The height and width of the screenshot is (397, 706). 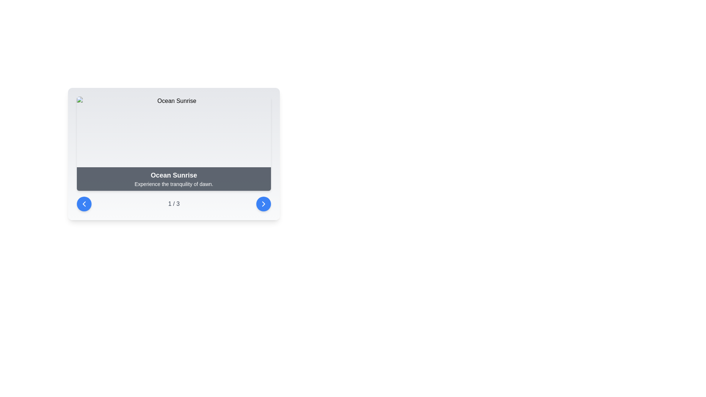 What do you see at coordinates (263, 204) in the screenshot?
I see `the rightward chevron arrow icon enclosed within a circular blue button located at the bottom right corner of the card interface, next to the text '1 / 3', for accessibility interactions` at bounding box center [263, 204].